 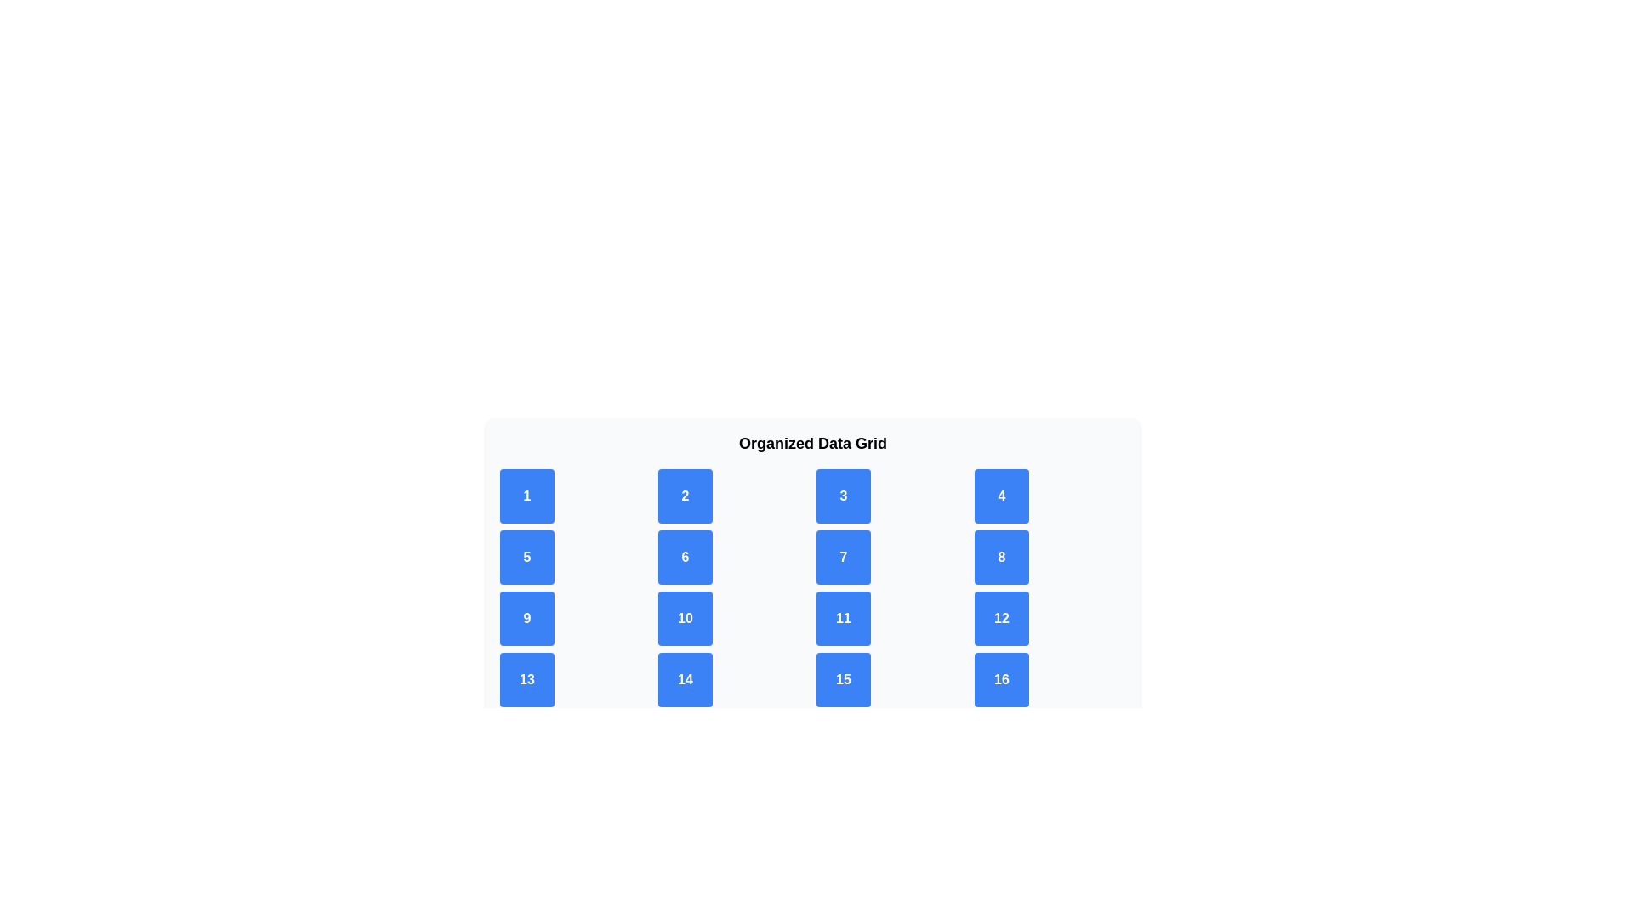 I want to click on the rounded square button displaying the numeral '15' with a blue background and white text, located in the fourth row and third column of the grid layout, so click(x=844, y=678).